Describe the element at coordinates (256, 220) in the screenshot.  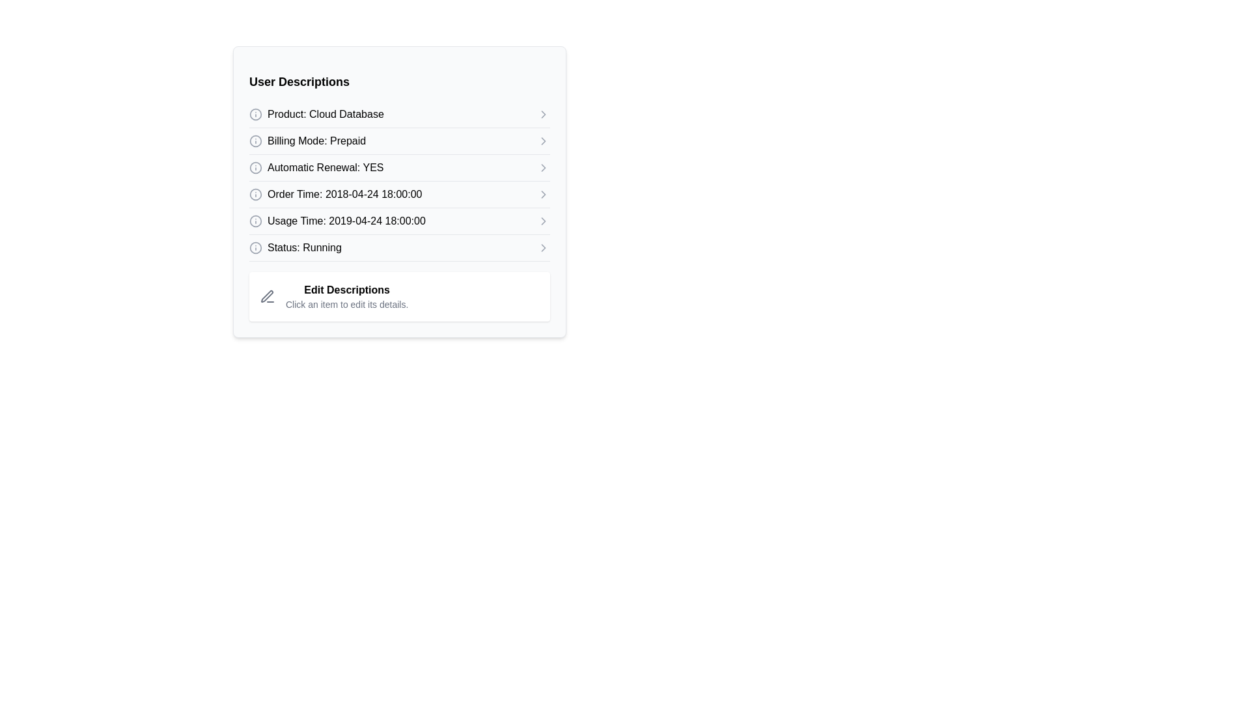
I see `circular gray outlined icon located to the left of the 'Usage Time: 2019-04-24 18:00:00' entry in the 'User Descriptions' list` at that location.